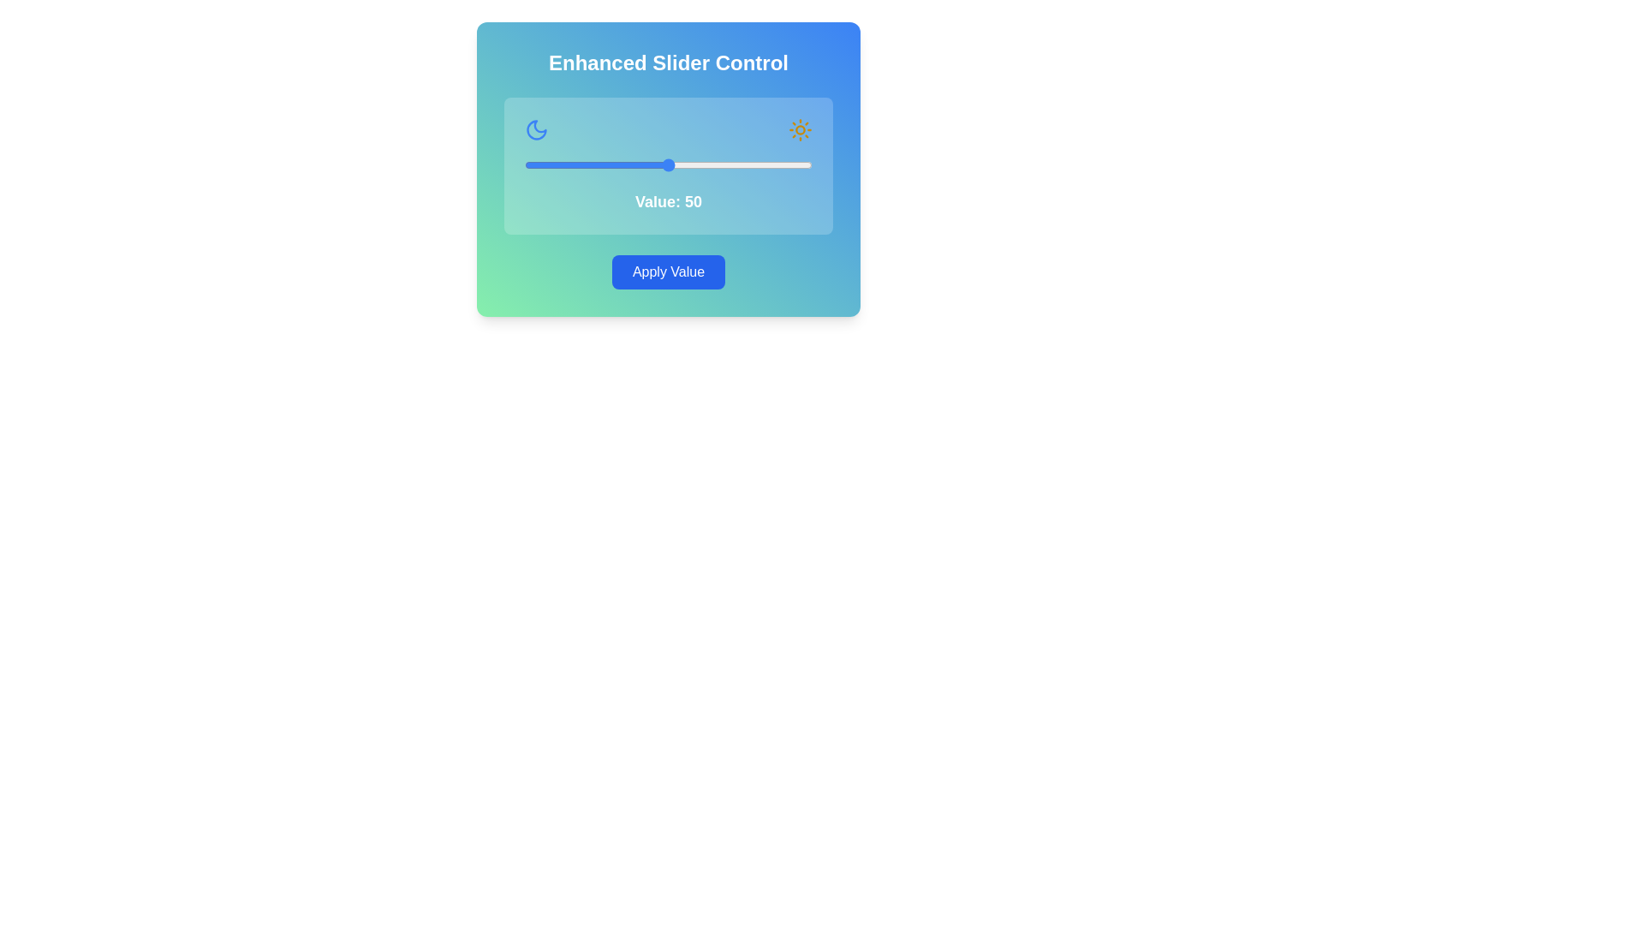 The height and width of the screenshot is (925, 1644). I want to click on the slider, so click(777, 164).